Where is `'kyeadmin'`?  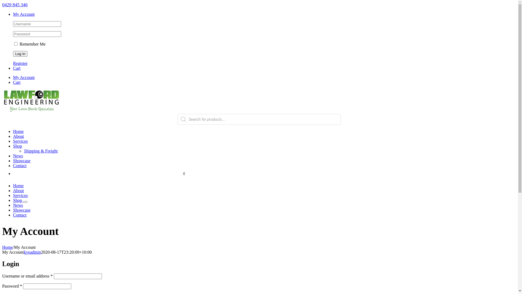 'kyeadmin' is located at coordinates (23, 252).